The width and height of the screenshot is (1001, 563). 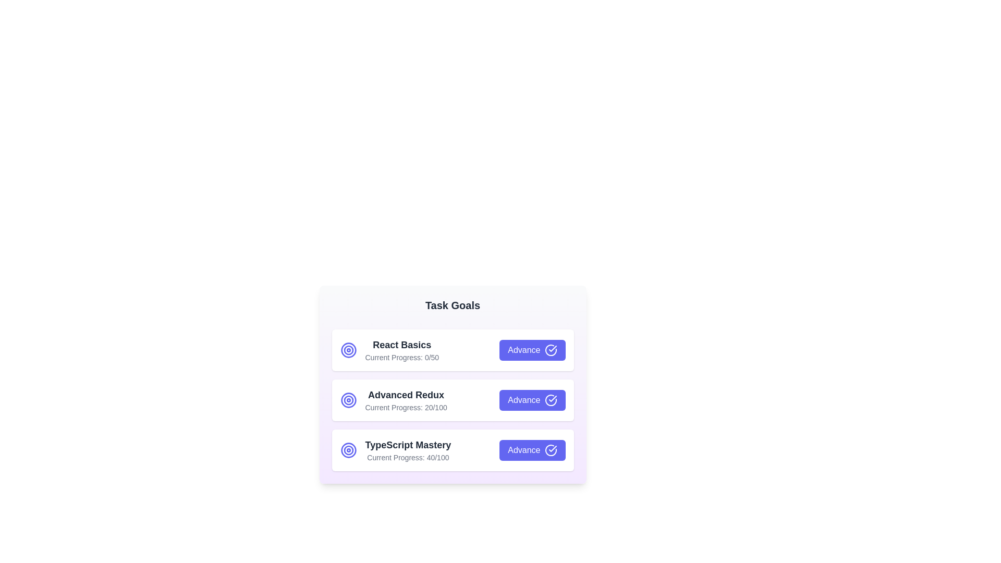 I want to click on the progress information of the 'React Basics' course by clicking on the first list item with a blue target icon and associated text in the 'Task Goals' box, so click(x=389, y=350).